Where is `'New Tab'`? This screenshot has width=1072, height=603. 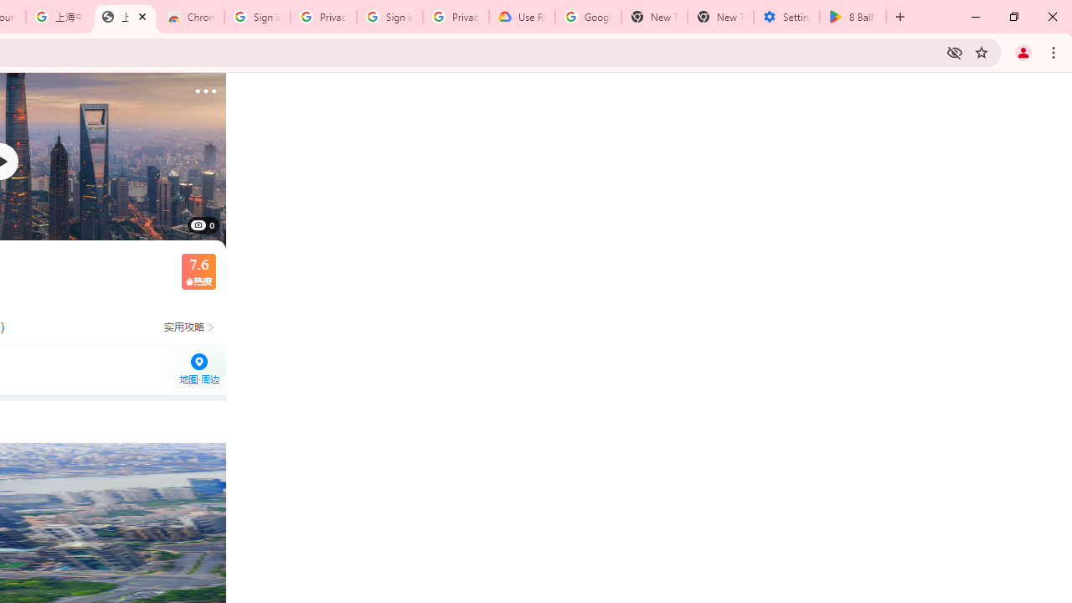 'New Tab' is located at coordinates (720, 17).